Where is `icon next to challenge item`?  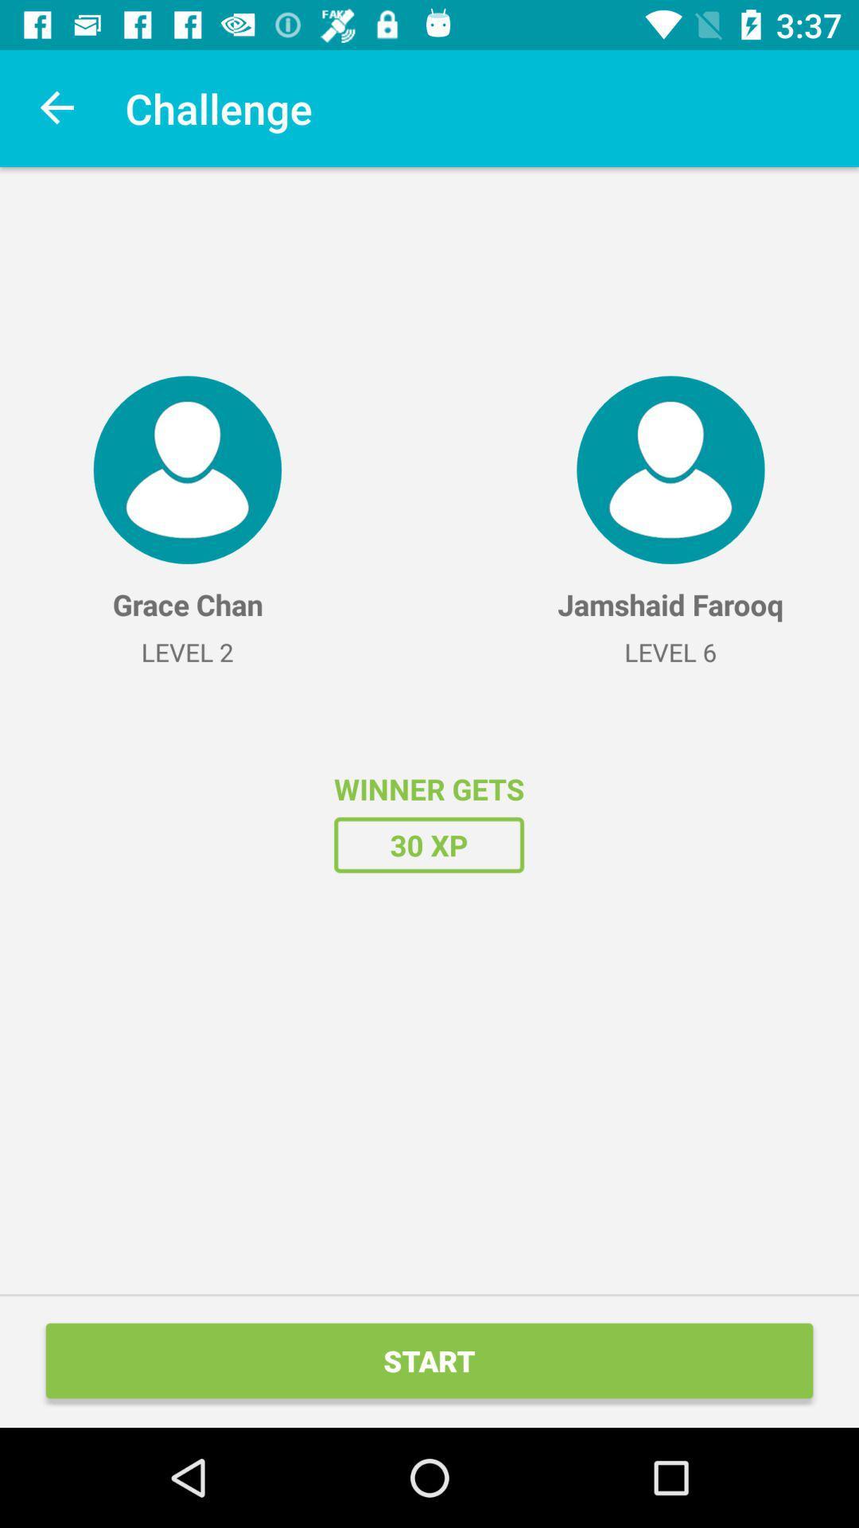 icon next to challenge item is located at coordinates (57, 107).